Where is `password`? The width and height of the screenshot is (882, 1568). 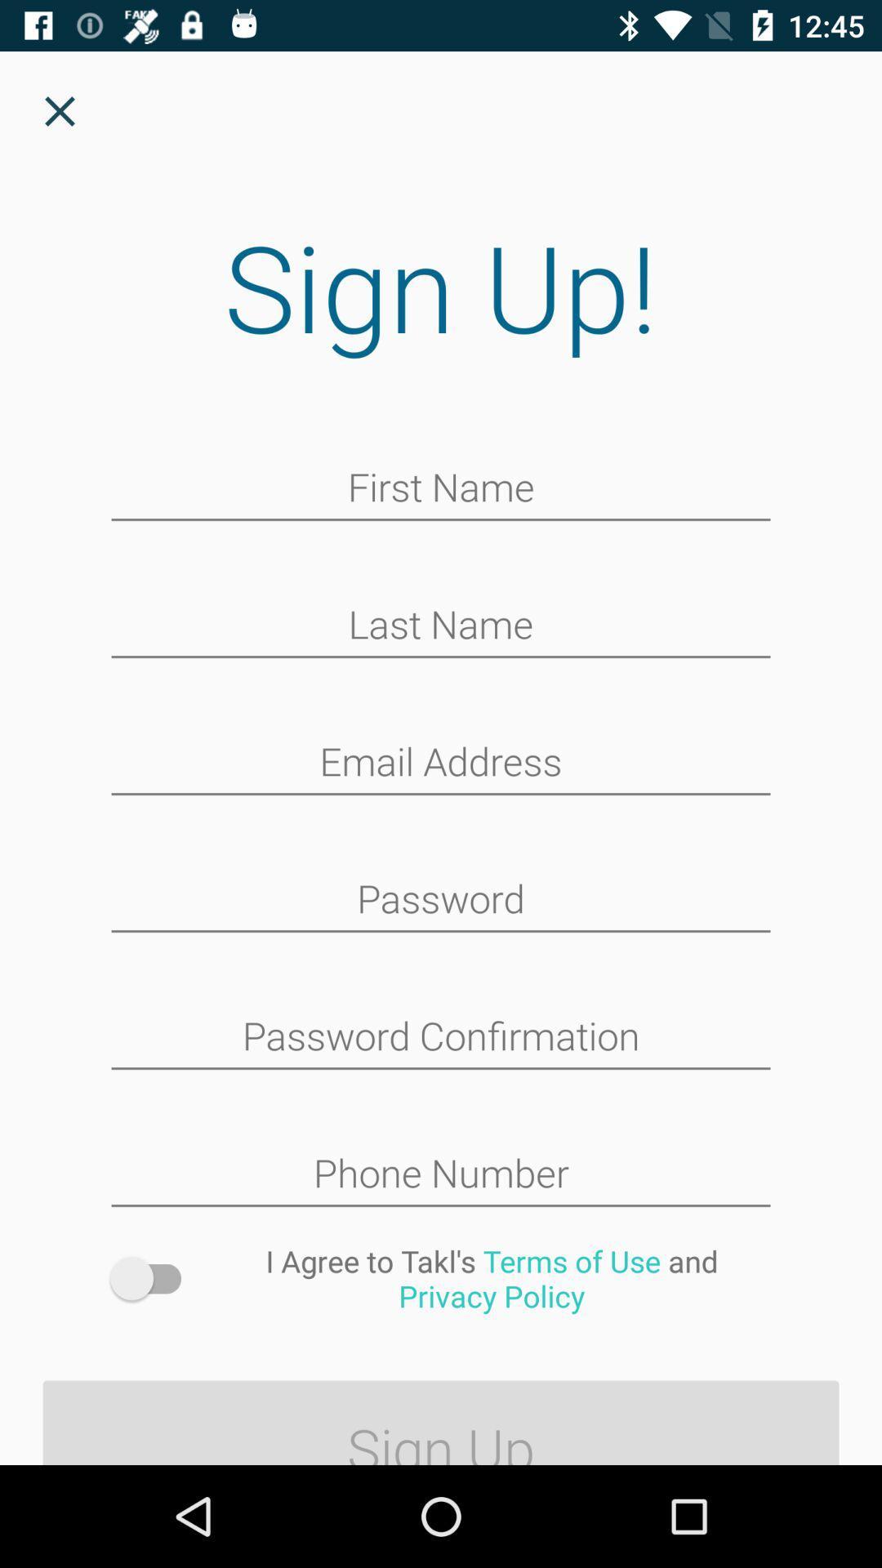 password is located at coordinates (441, 900).